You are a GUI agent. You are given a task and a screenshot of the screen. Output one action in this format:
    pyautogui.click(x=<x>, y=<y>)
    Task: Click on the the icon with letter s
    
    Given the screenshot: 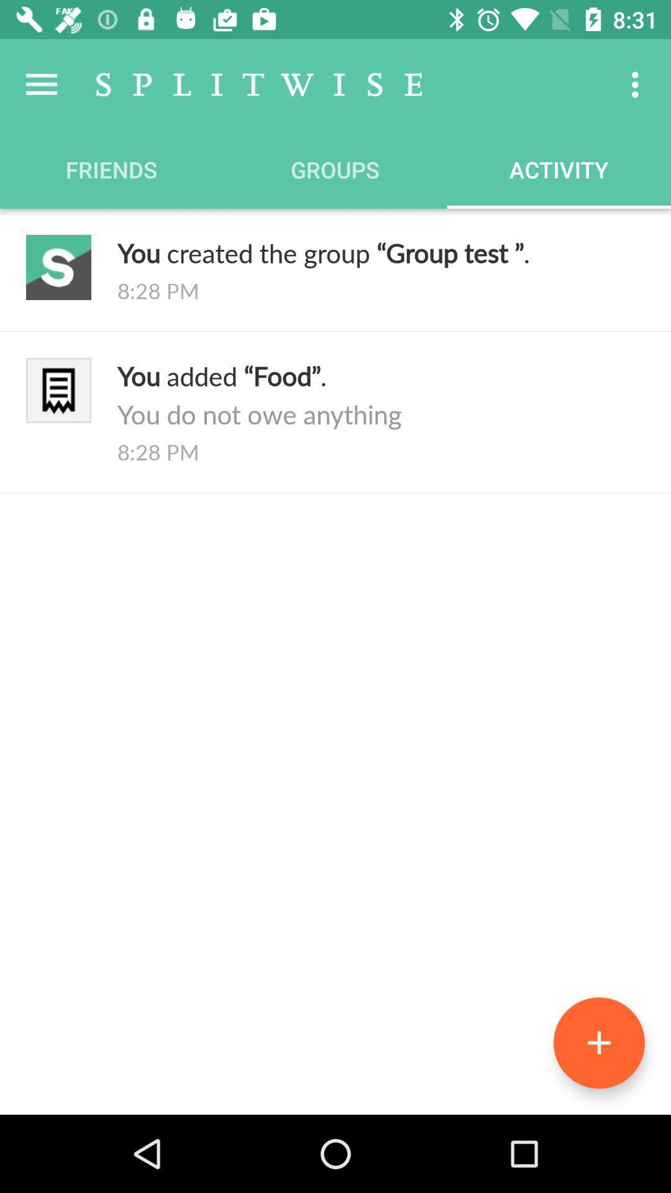 What is the action you would take?
    pyautogui.click(x=58, y=267)
    